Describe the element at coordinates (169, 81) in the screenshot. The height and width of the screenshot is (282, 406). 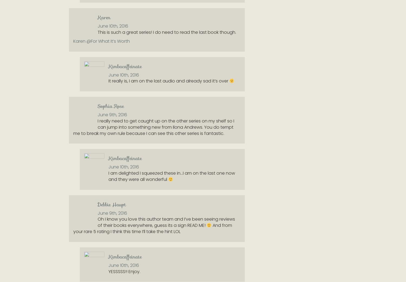
I see `'It really is, I am on the last audio and already sad it’s over'` at that location.